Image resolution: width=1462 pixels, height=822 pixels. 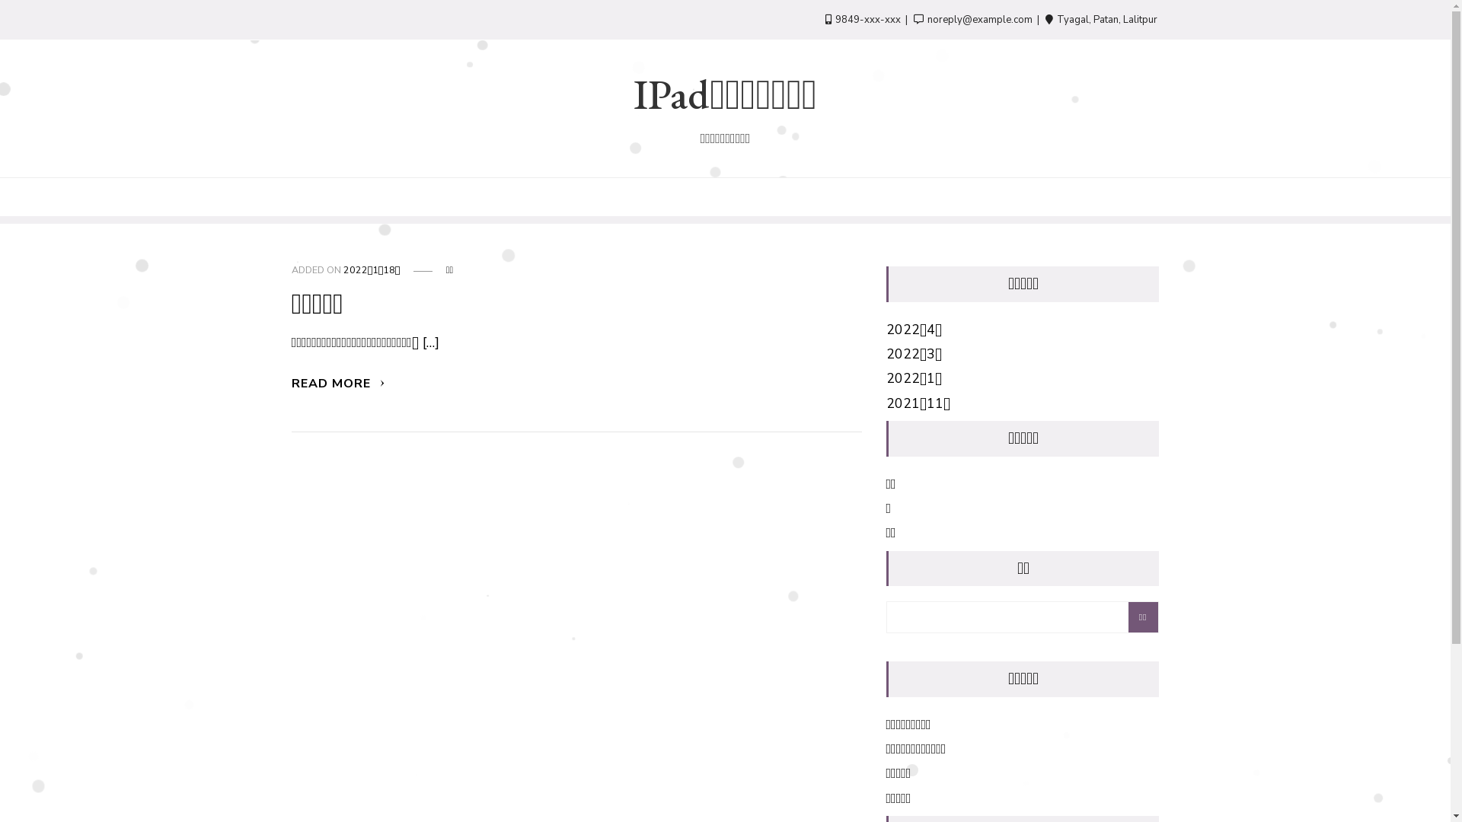 I want to click on 'READ MORE', so click(x=338, y=383).